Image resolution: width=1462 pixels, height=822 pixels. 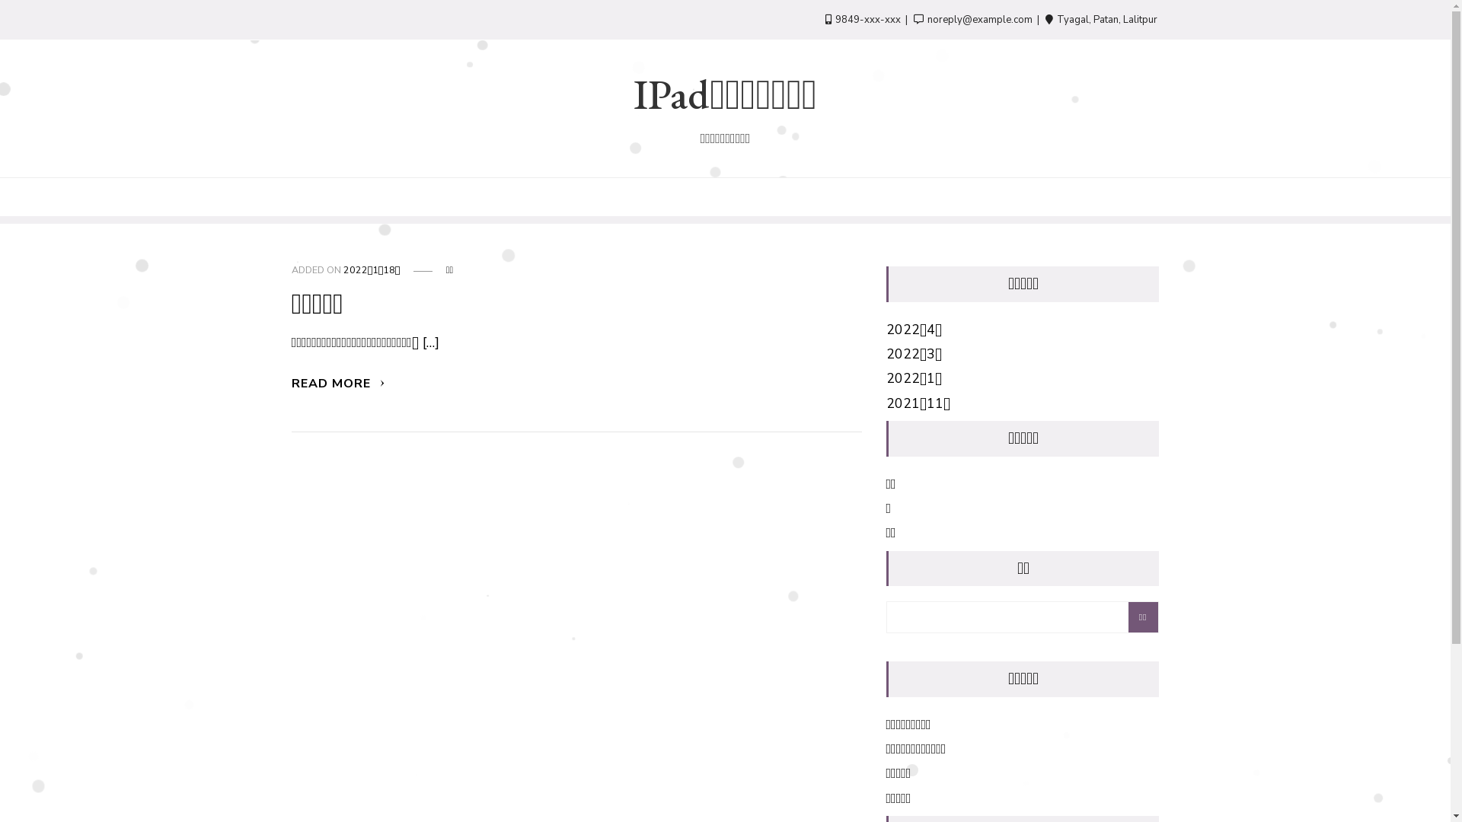 I want to click on 'READ MORE', so click(x=338, y=383).